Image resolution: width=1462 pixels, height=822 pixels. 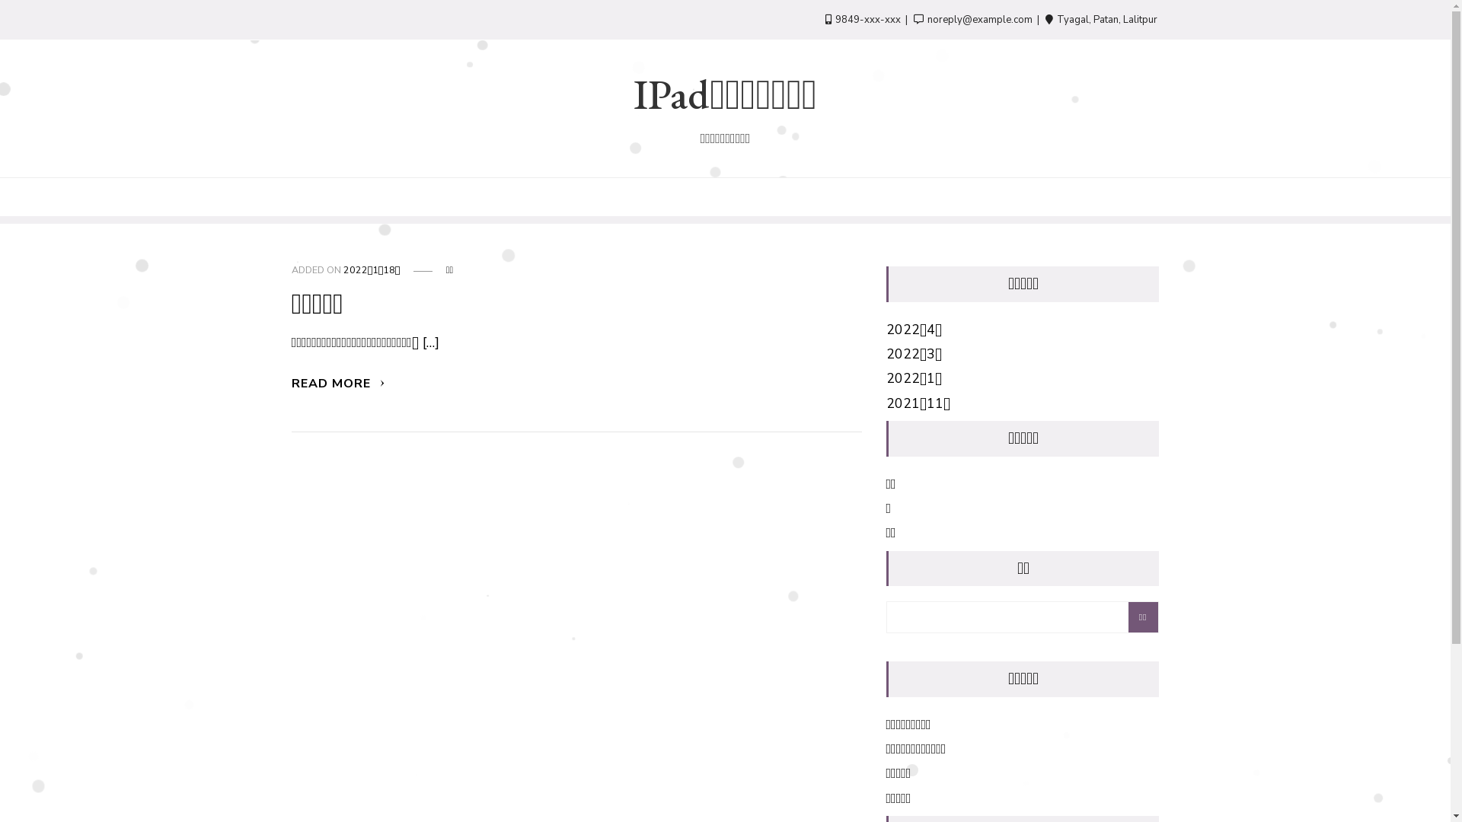 I want to click on 'READ MORE', so click(x=338, y=383).